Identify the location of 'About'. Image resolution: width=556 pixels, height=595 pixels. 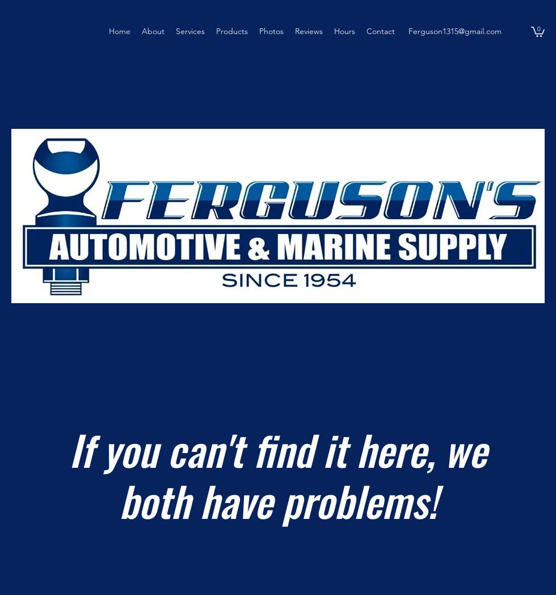
(153, 31).